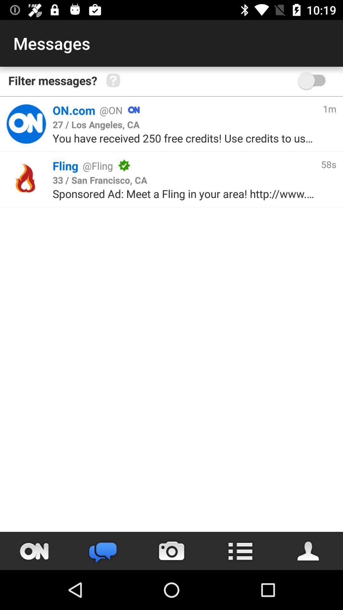  I want to click on the list icon, so click(240, 551).